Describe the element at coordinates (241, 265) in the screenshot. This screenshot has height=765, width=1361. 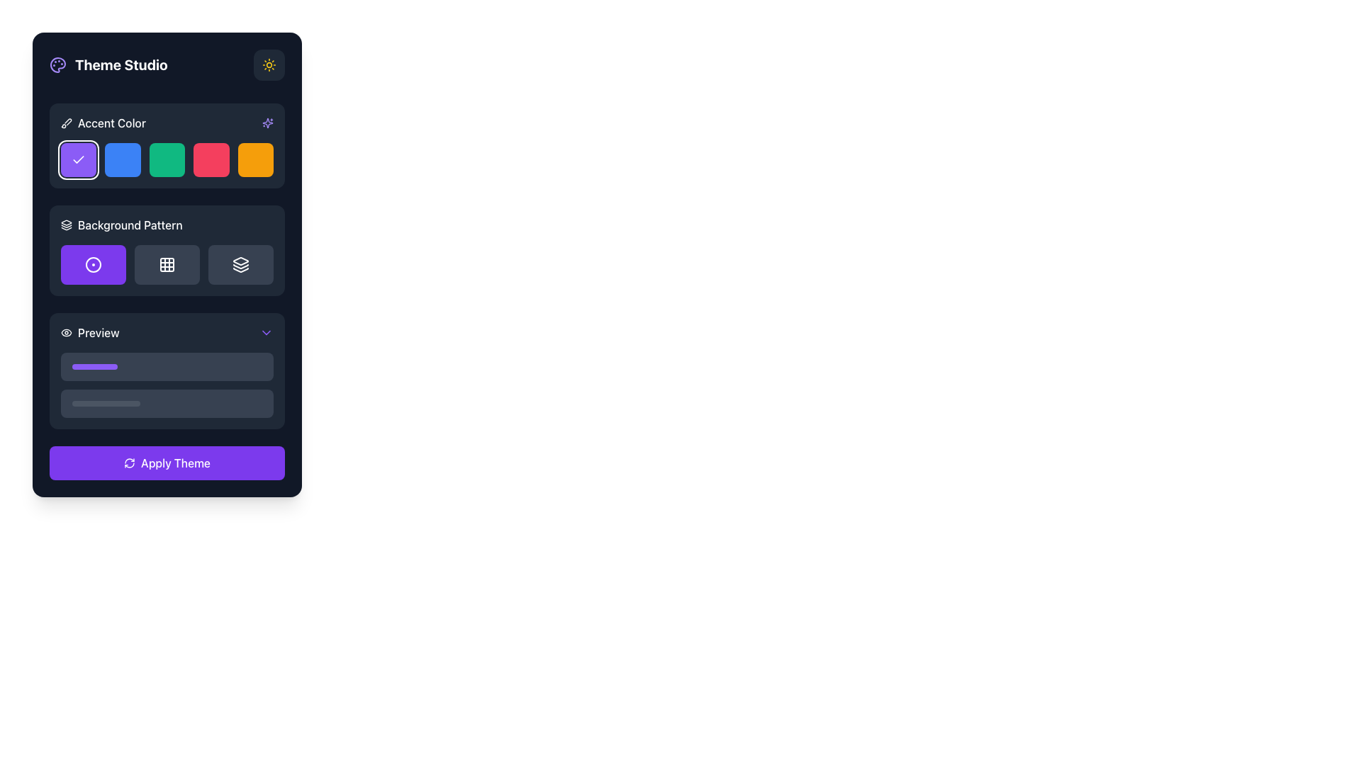
I see `the third button labeled 'Background Pattern' with a dark gray background and a white stacked layers icon` at that location.